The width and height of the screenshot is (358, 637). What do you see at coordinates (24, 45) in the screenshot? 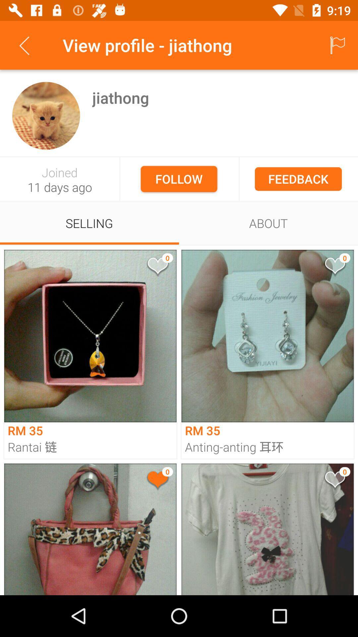
I see `icon to the left of the view profile - jiathong` at bounding box center [24, 45].